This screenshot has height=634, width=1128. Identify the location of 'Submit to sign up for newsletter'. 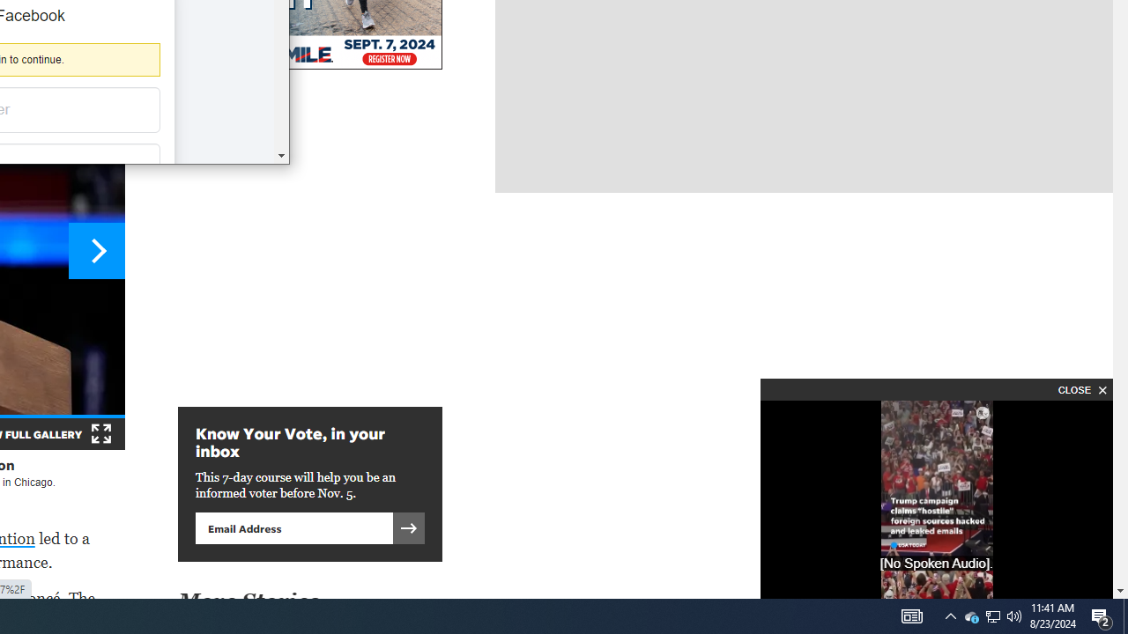
(408, 527).